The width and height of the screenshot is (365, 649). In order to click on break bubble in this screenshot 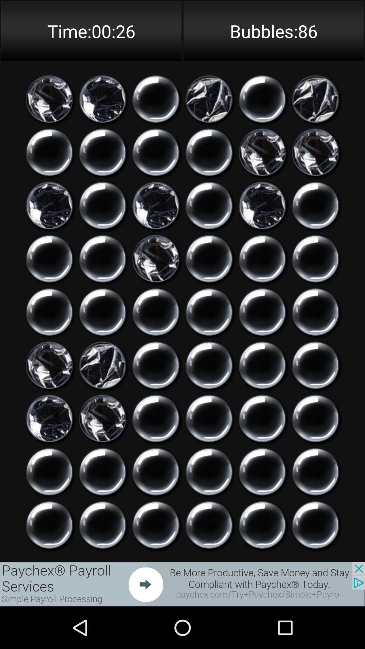, I will do `click(102, 312)`.